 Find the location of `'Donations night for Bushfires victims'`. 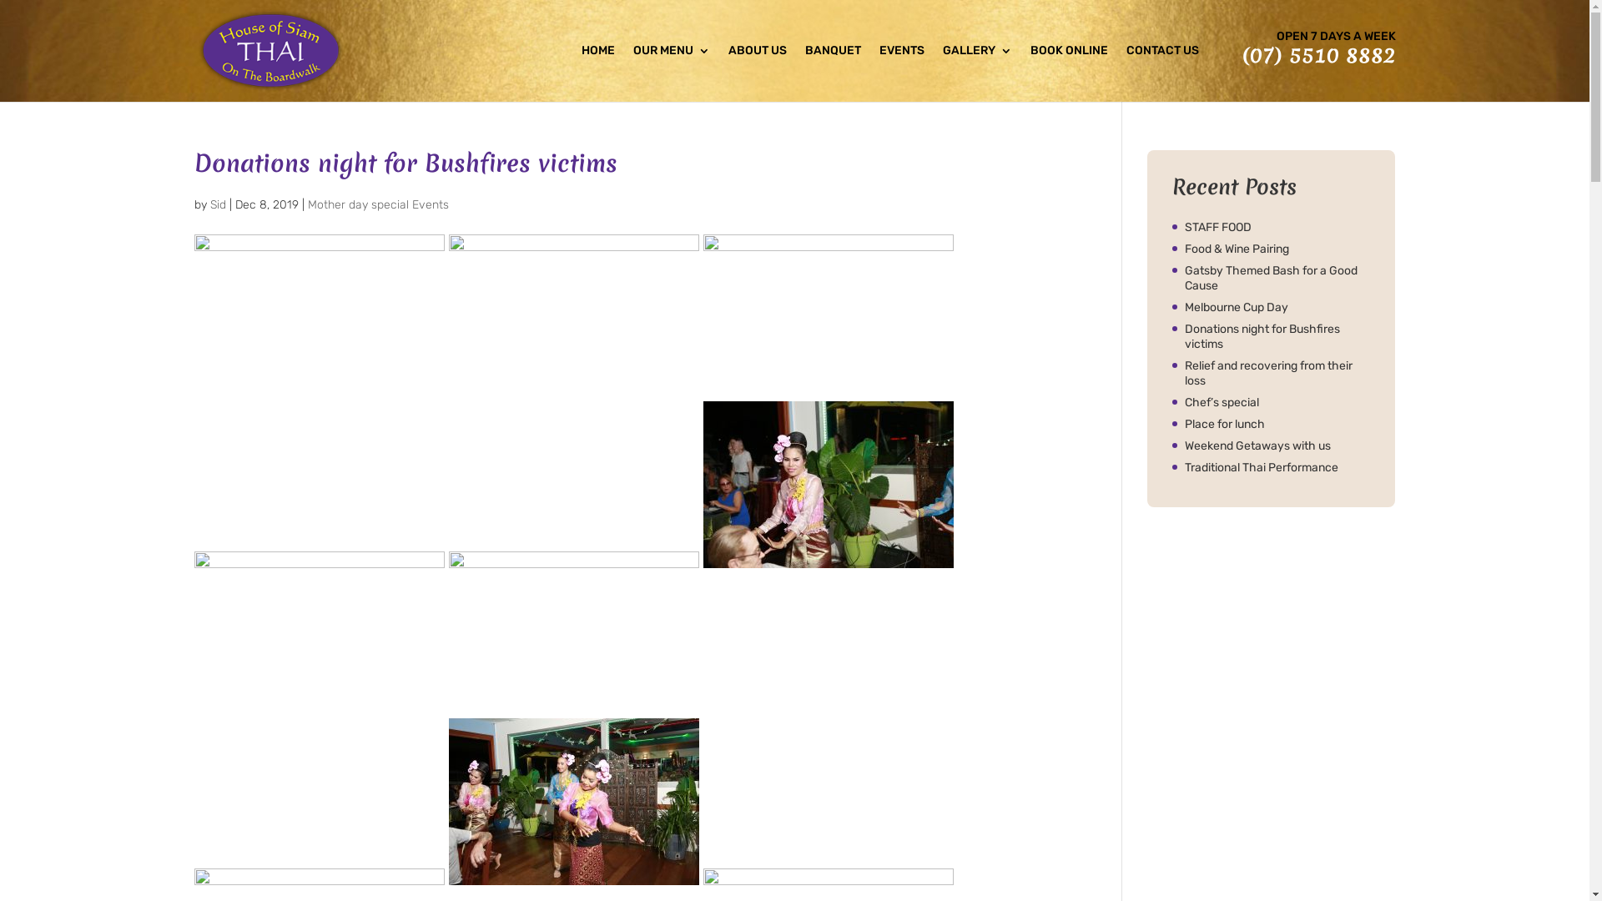

'Donations night for Bushfires victims' is located at coordinates (1277, 337).